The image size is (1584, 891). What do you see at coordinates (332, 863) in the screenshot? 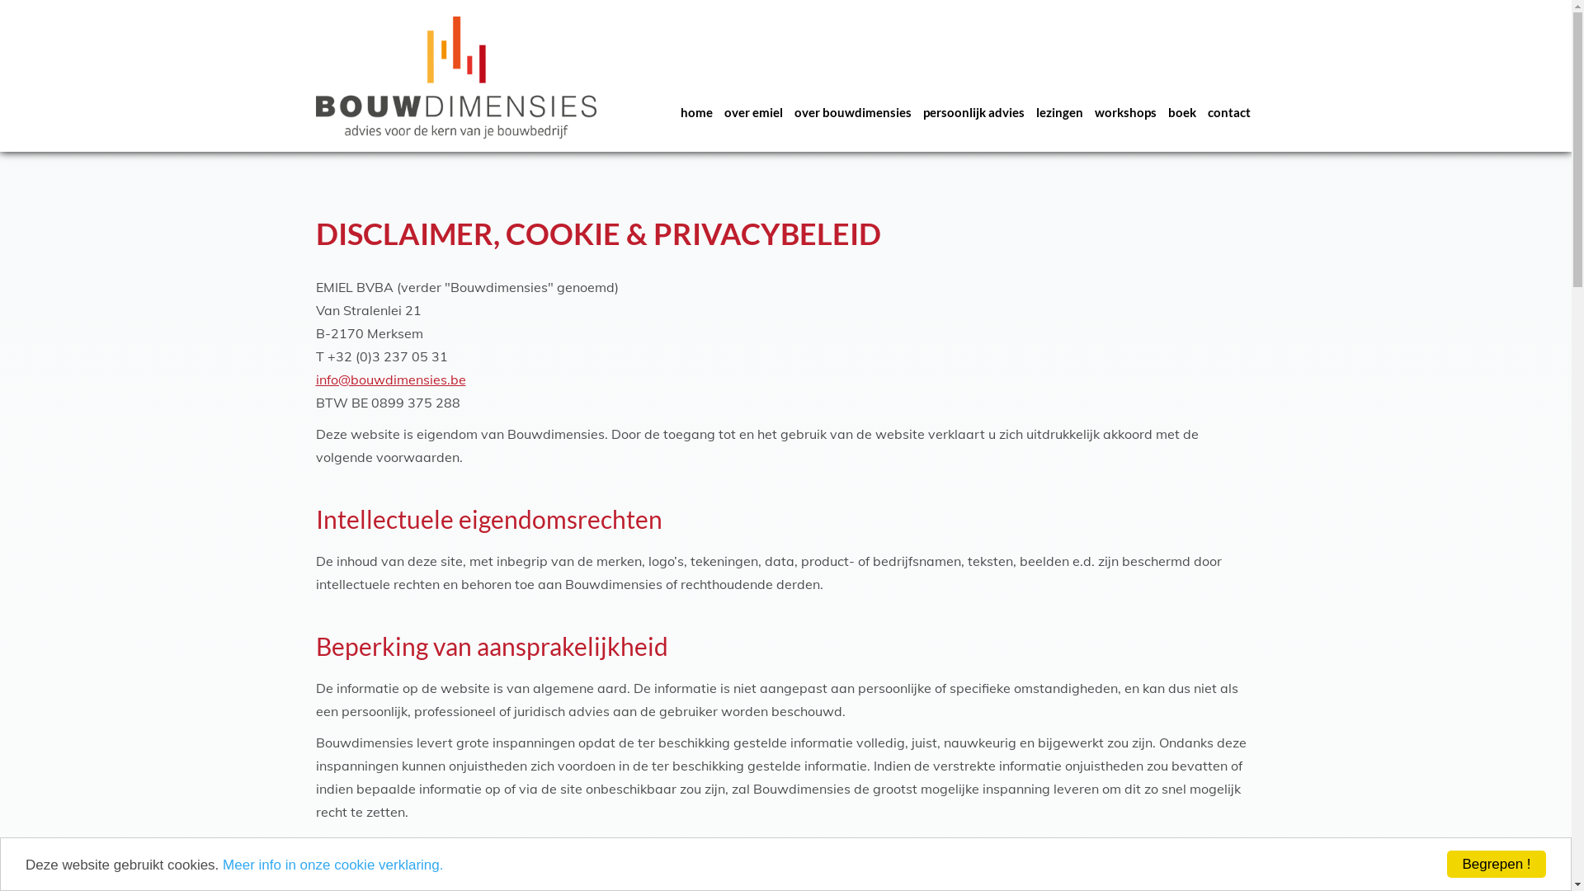
I see `'Meer info in onze cookie verklaring.'` at bounding box center [332, 863].